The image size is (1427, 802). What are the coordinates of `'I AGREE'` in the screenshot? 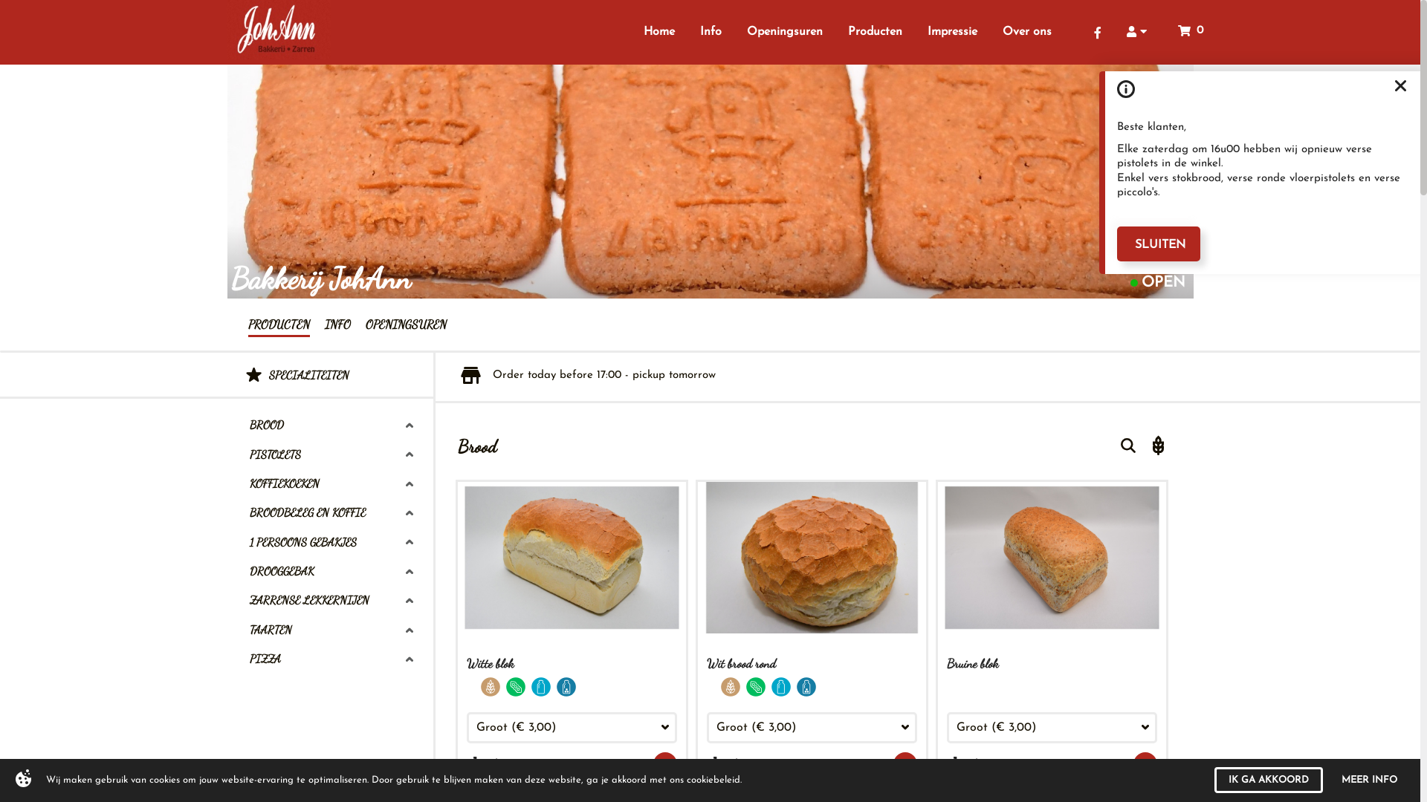 It's located at (1293, 779).